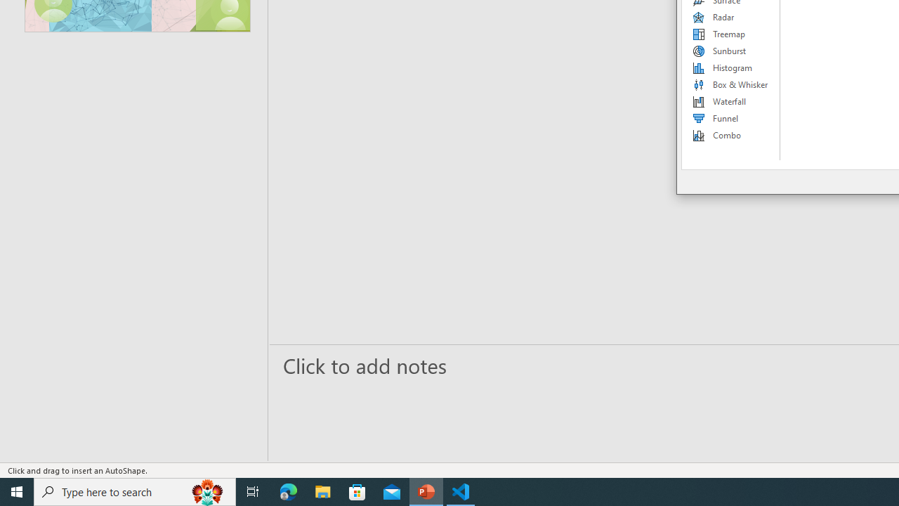 The height and width of the screenshot is (506, 899). What do you see at coordinates (730, 135) in the screenshot?
I see `'Combo'` at bounding box center [730, 135].